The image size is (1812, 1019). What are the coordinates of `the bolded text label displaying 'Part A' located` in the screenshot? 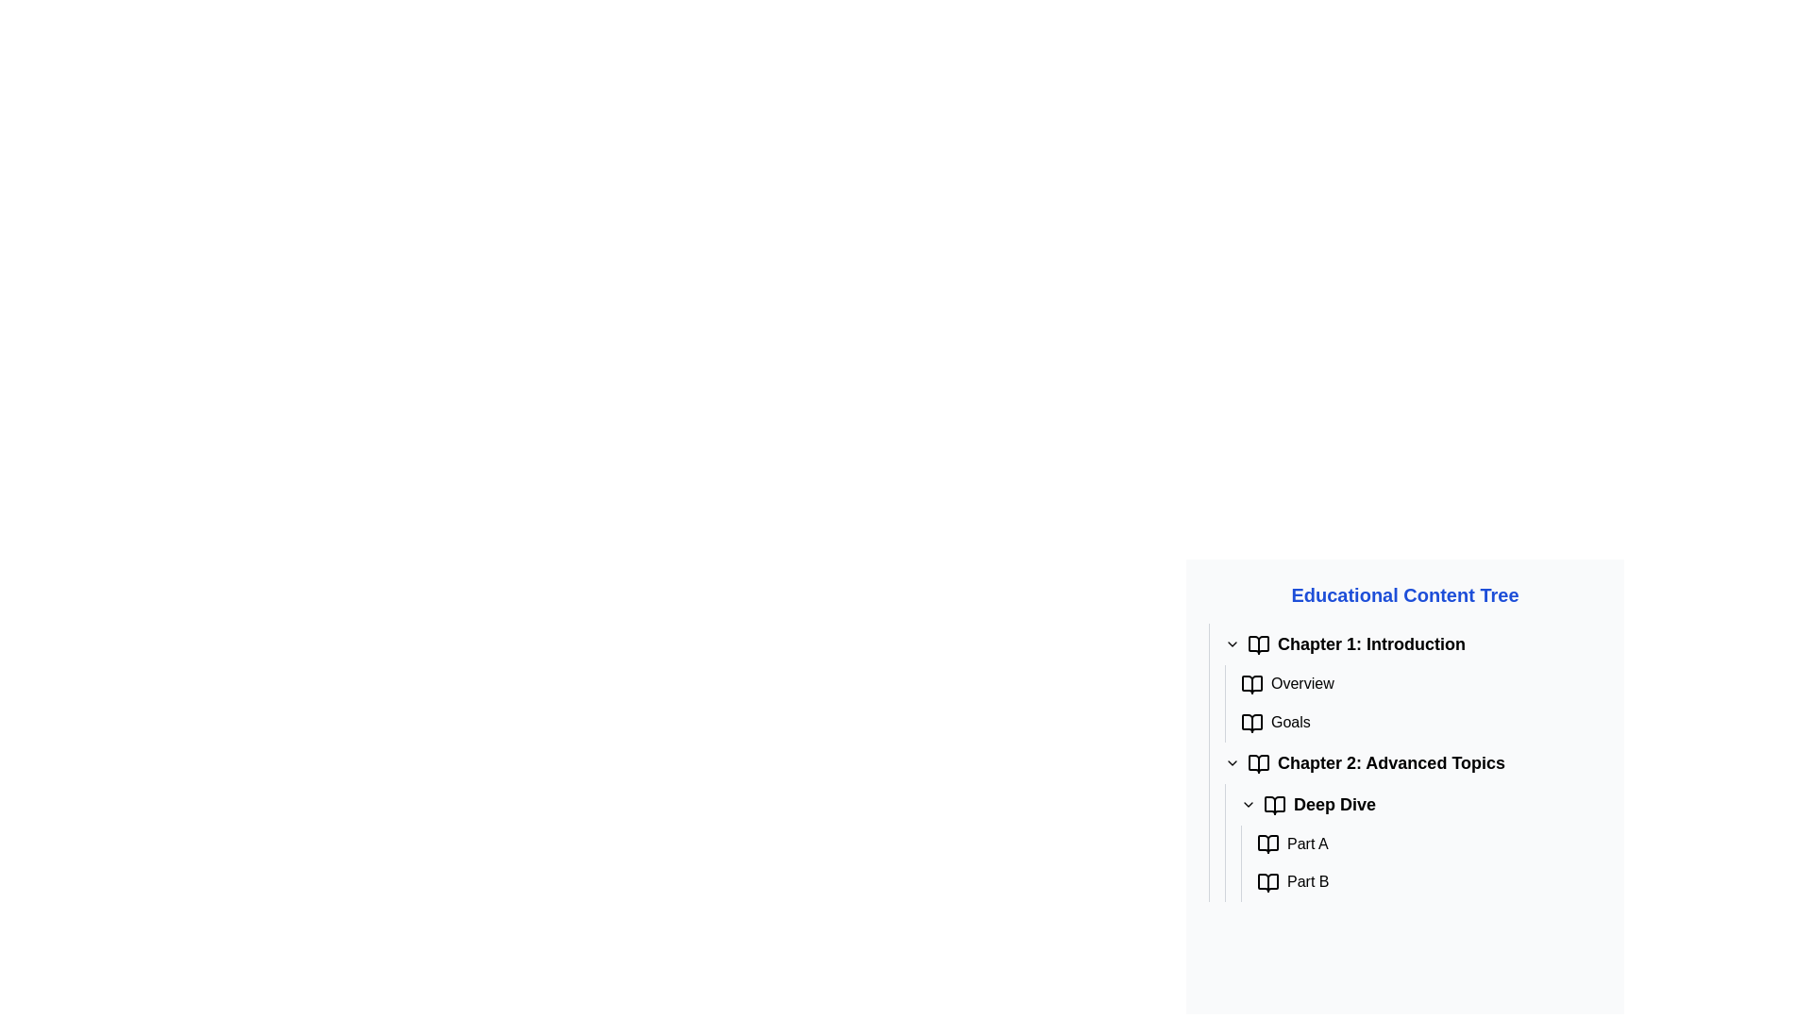 It's located at (1291, 843).